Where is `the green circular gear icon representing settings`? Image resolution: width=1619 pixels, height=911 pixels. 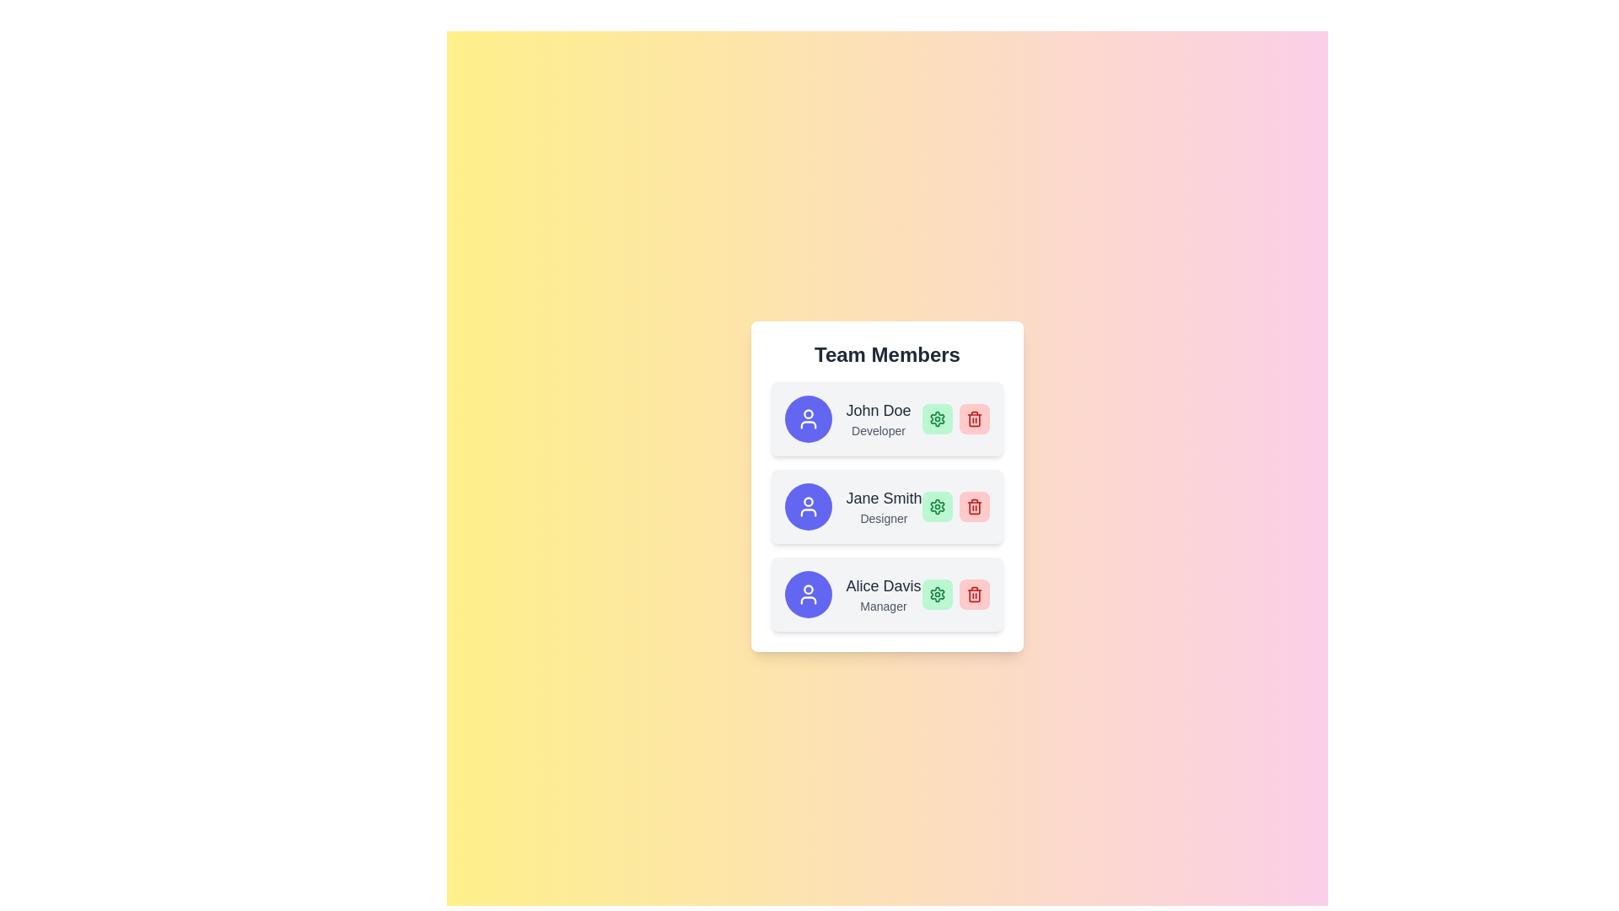
the green circular gear icon representing settings is located at coordinates (936, 506).